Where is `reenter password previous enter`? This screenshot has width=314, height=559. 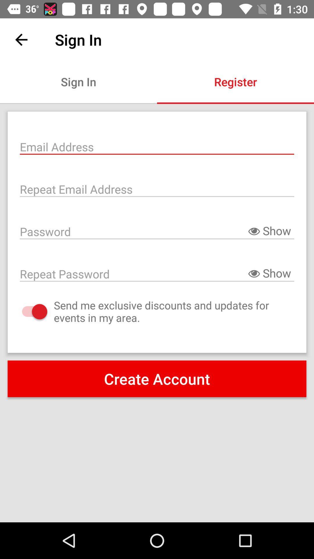 reenter password previous enter is located at coordinates (157, 273).